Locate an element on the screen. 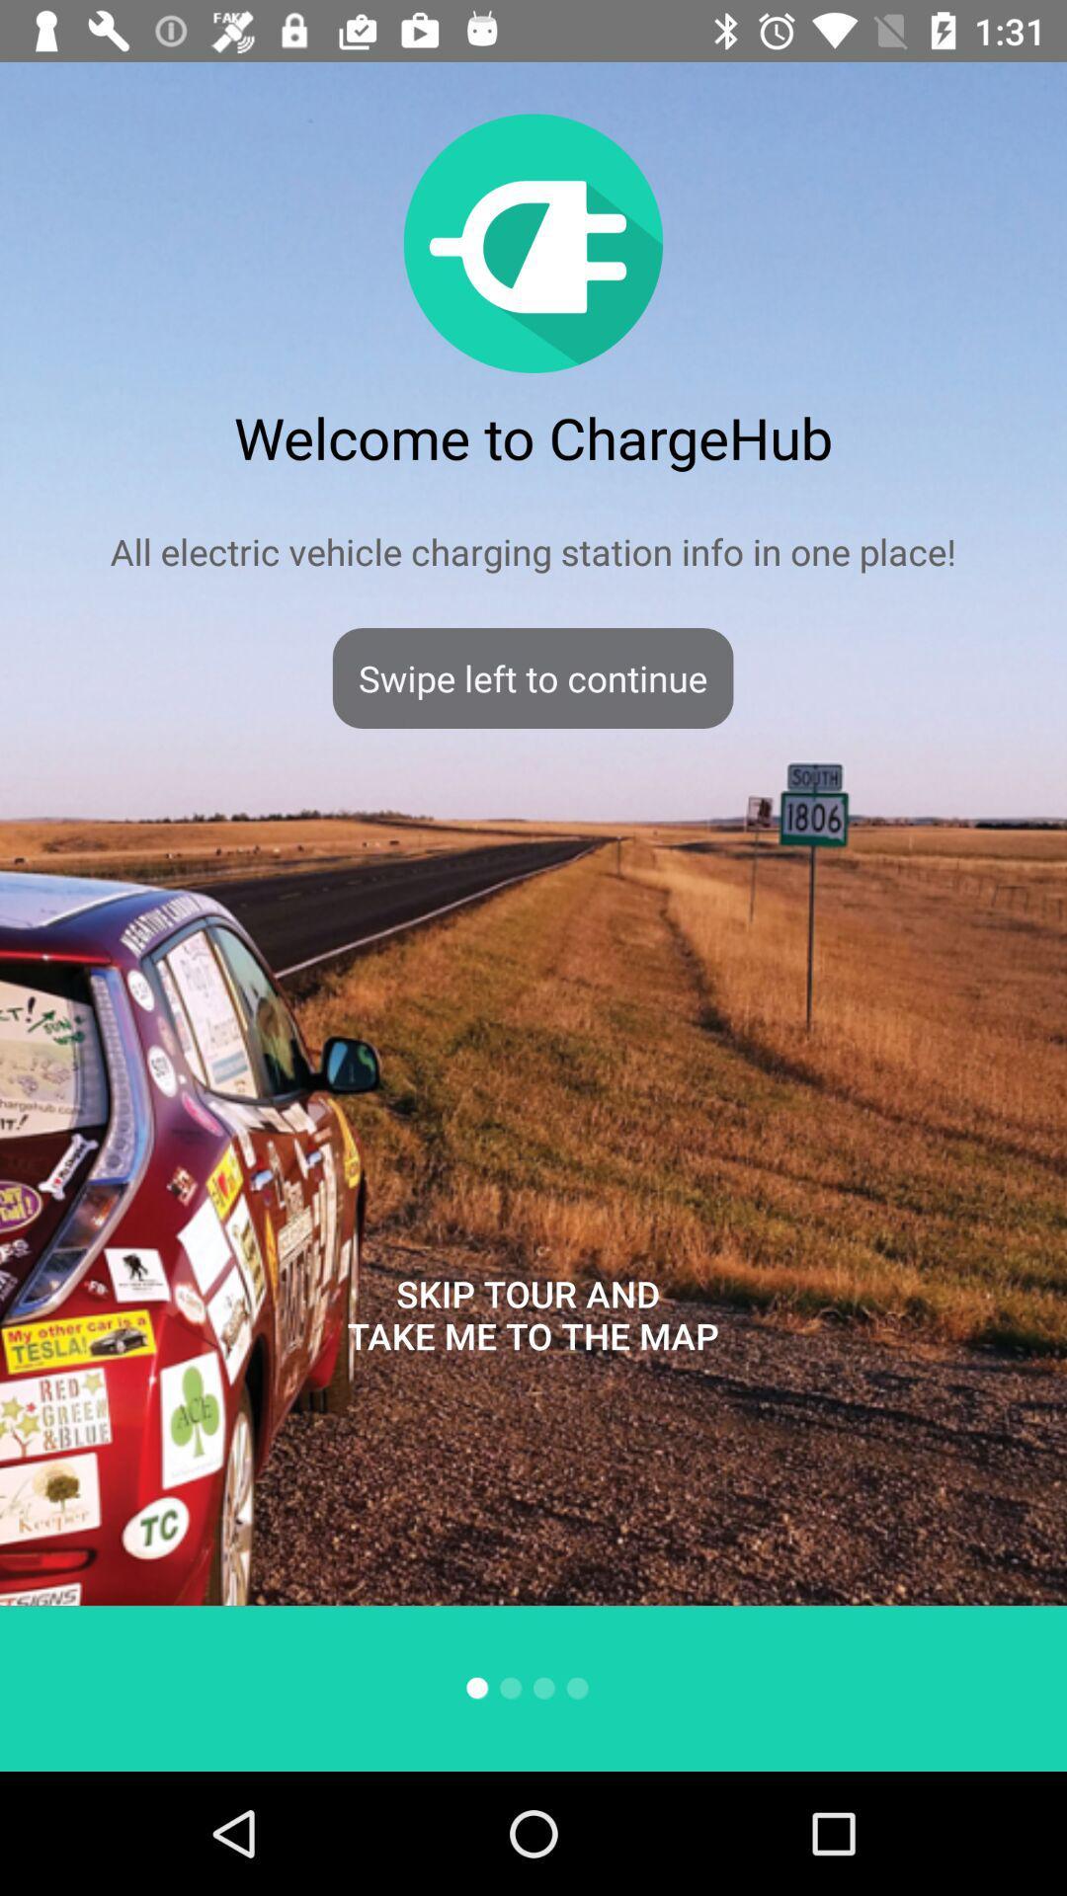 The width and height of the screenshot is (1067, 1896). skip tour and is located at coordinates (532, 1314).